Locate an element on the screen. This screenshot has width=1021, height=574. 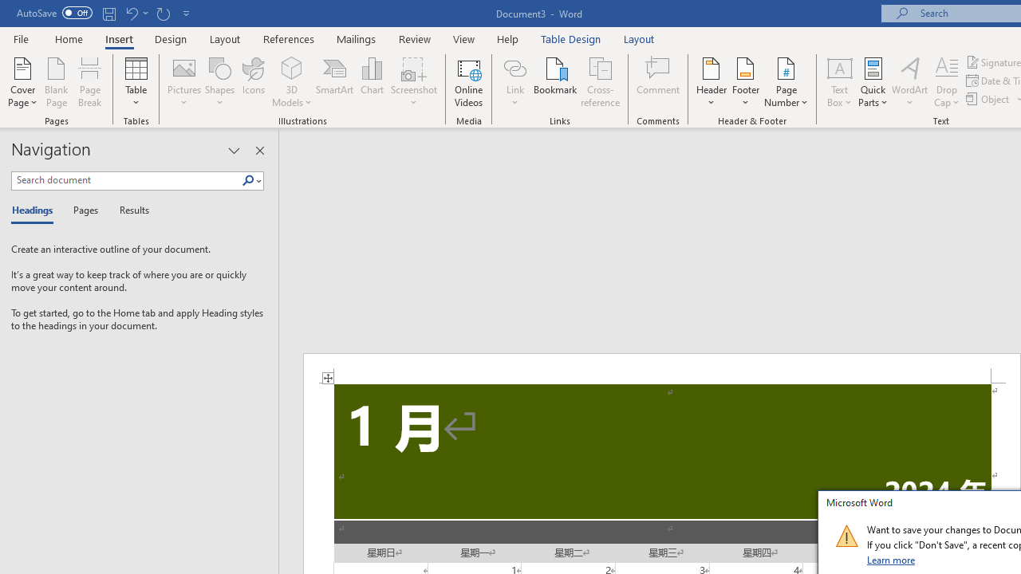
'Task Pane Options' is located at coordinates (233, 151).